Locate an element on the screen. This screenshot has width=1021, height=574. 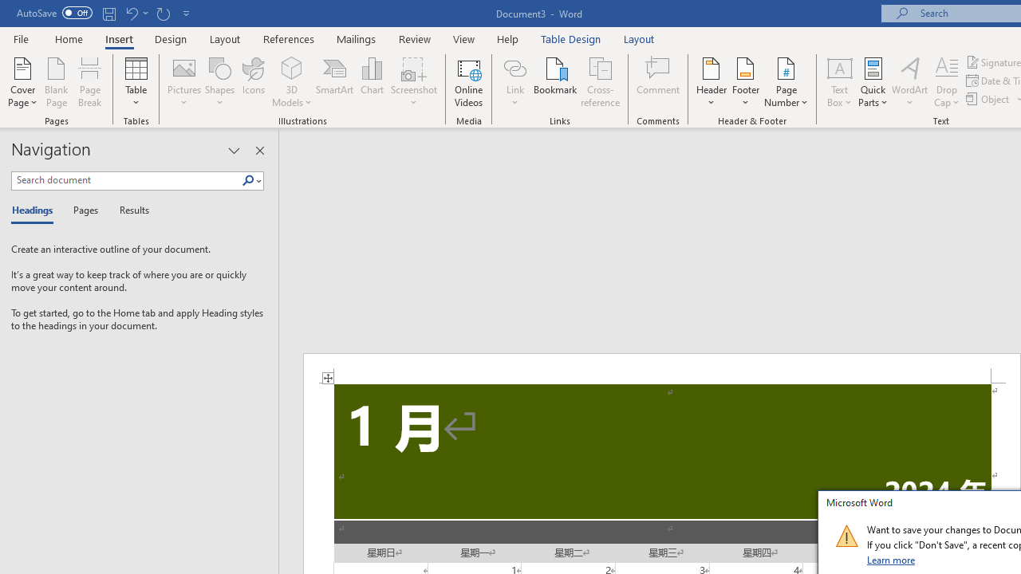
'Task Pane Options' is located at coordinates (233, 151).